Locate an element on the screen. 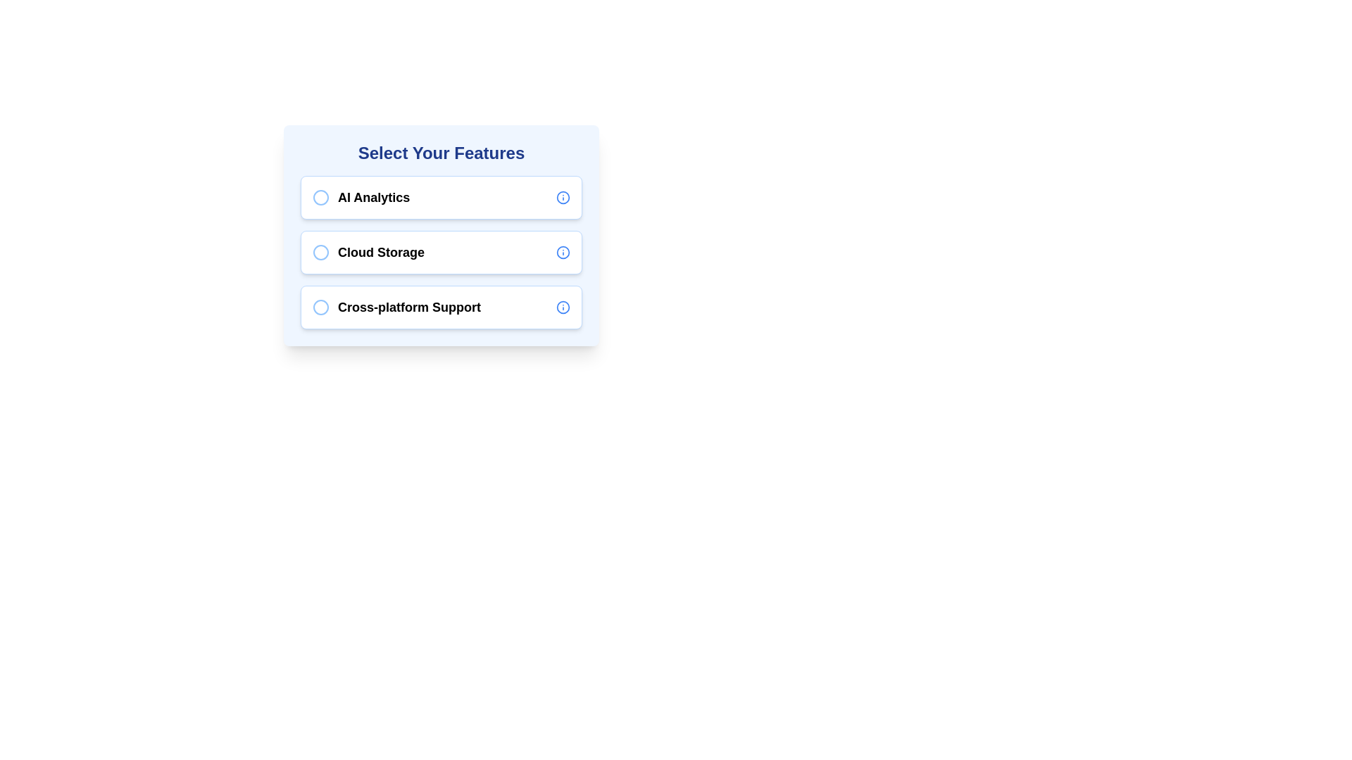 Image resolution: width=1352 pixels, height=760 pixels. the 'Cloud Storage' text label, which is styled in bold black font and positioned between 'AI Analytics' and 'Cross-platform Support' in the selectable features list is located at coordinates (381, 251).